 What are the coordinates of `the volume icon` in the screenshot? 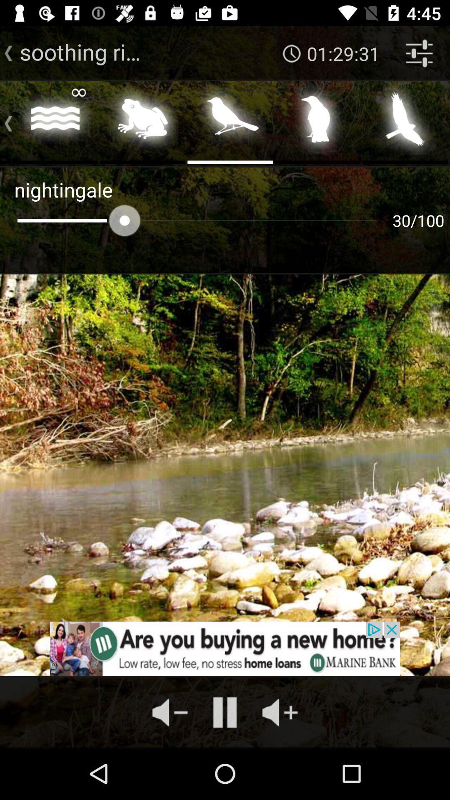 It's located at (170, 712).